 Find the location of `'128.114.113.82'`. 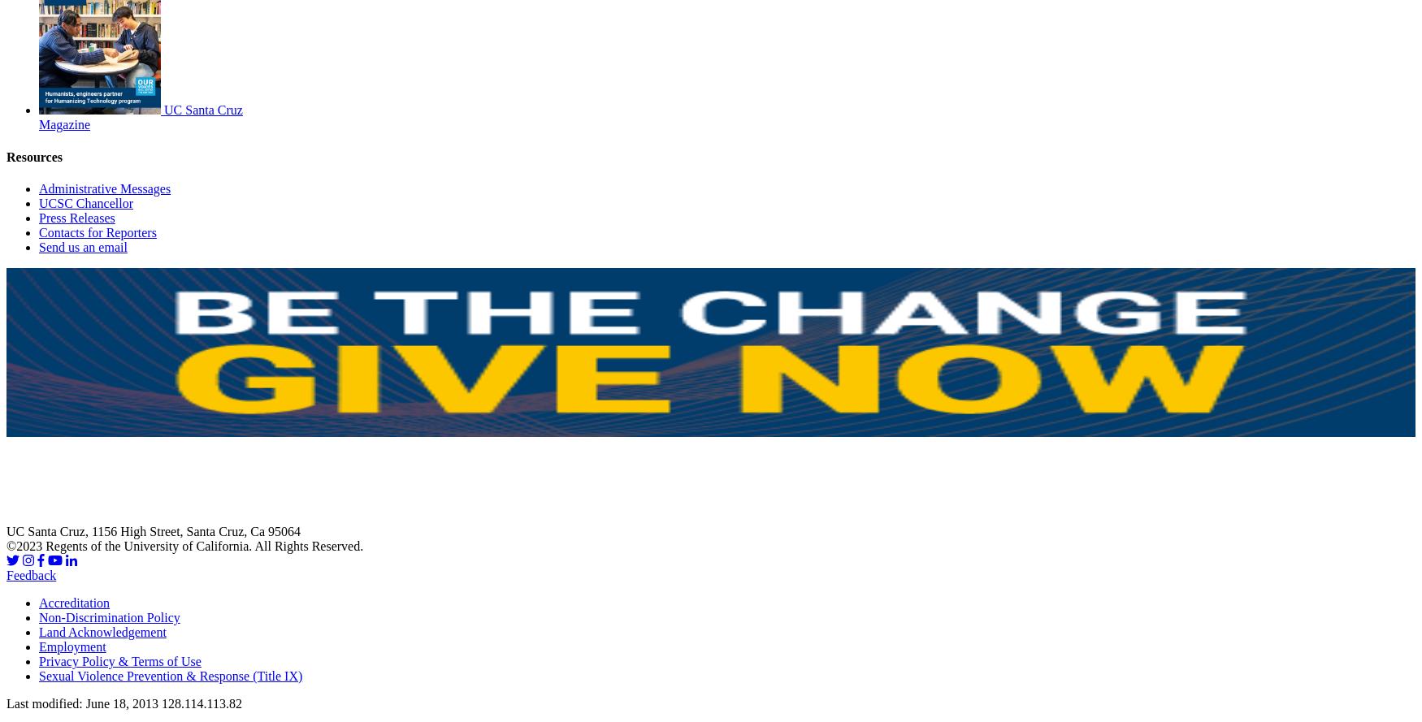

'128.114.113.82' is located at coordinates (201, 703).